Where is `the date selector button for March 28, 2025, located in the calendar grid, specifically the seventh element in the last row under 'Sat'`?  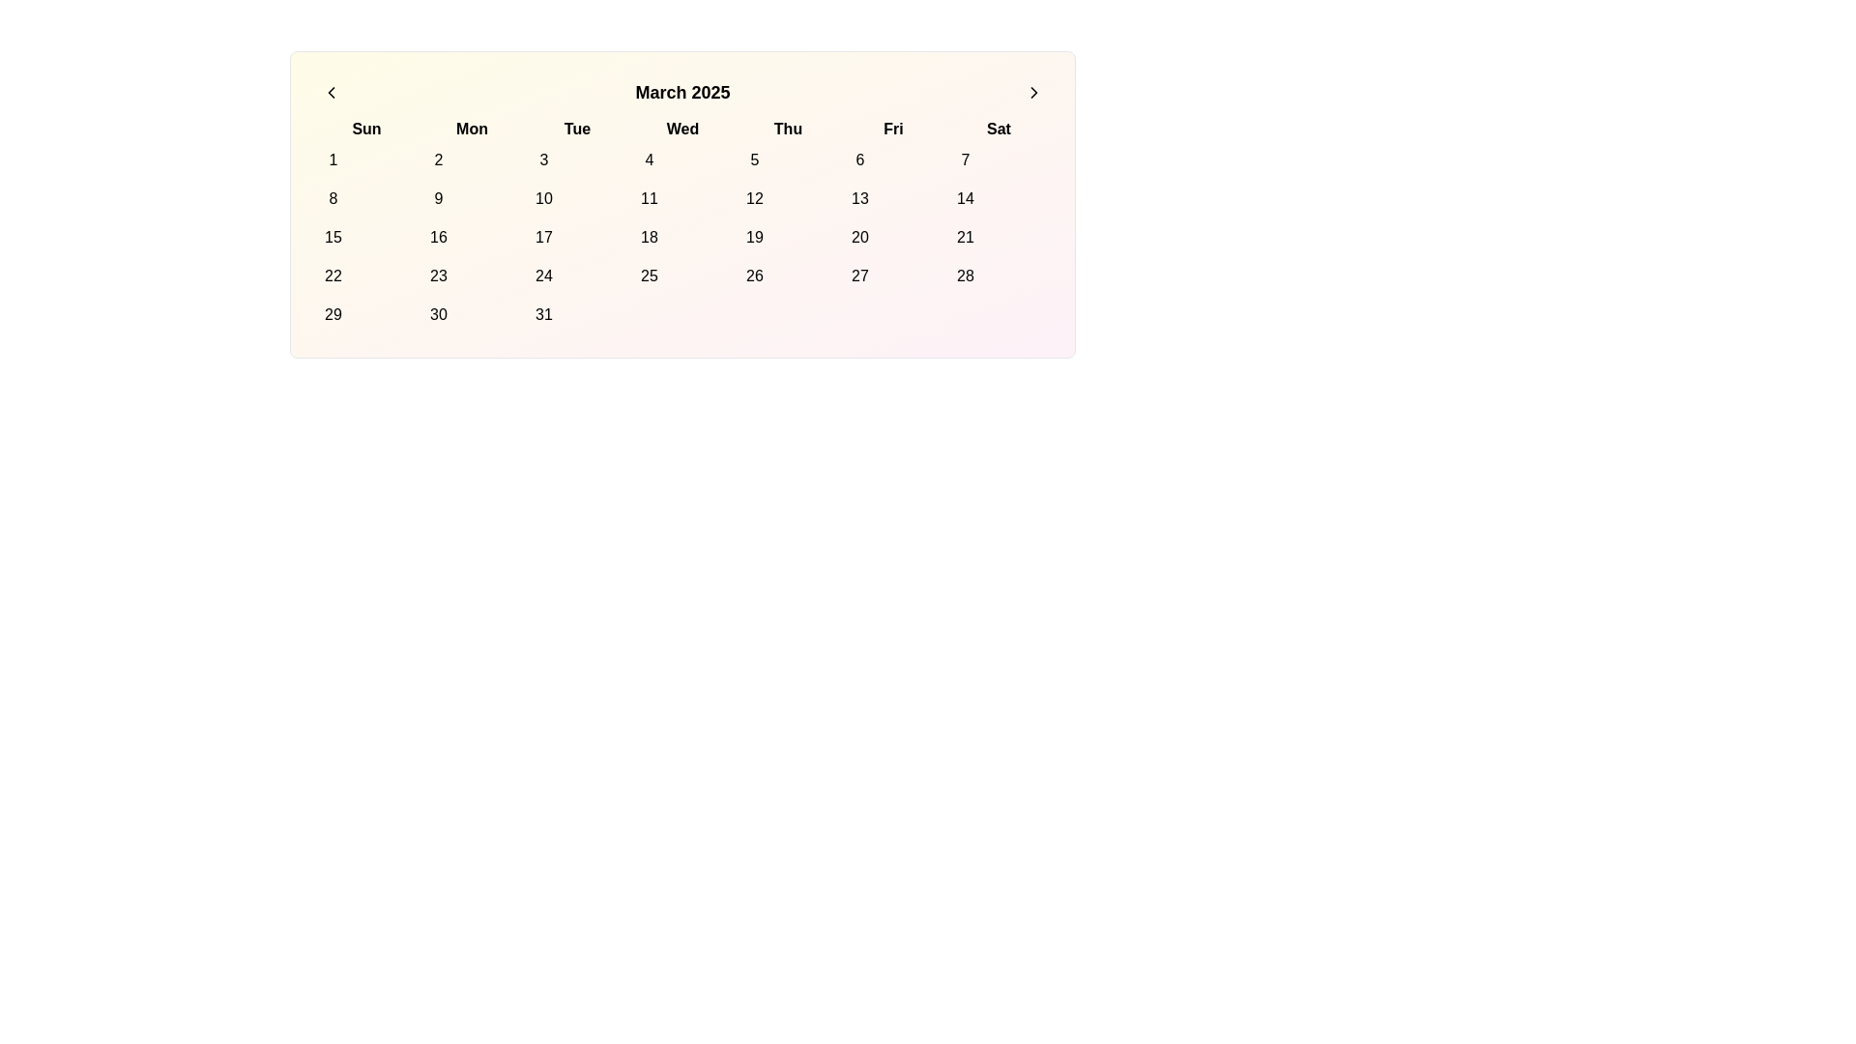
the date selector button for March 28, 2025, located in the calendar grid, specifically the seventh element in the last row under 'Sat' is located at coordinates (965, 275).